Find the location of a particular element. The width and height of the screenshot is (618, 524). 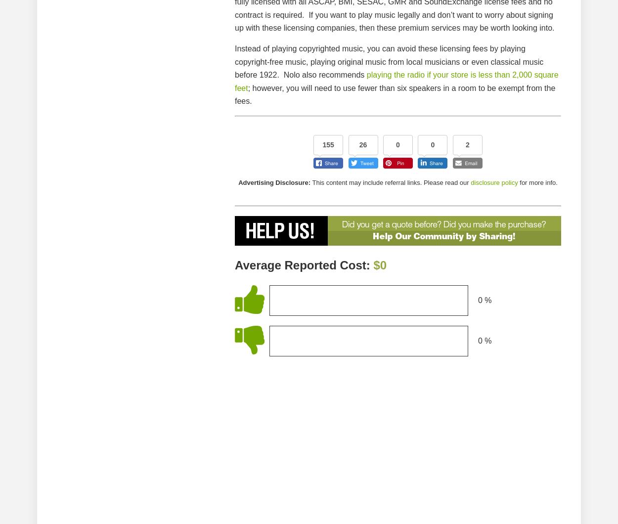

'Instead of playing copyrighted music, you can avoid these licensing fees by playing copyright-free music, playing original music from local musicians or even classical music before 1922.  Nolo also recommends' is located at coordinates (234, 61).